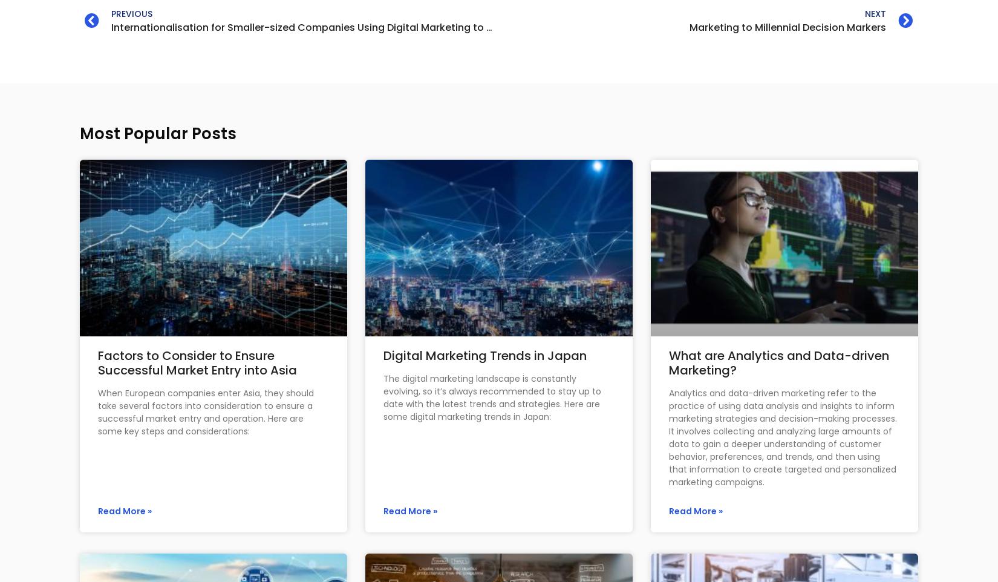 This screenshot has width=998, height=582. I want to click on 'Most Popular Posts', so click(158, 132).